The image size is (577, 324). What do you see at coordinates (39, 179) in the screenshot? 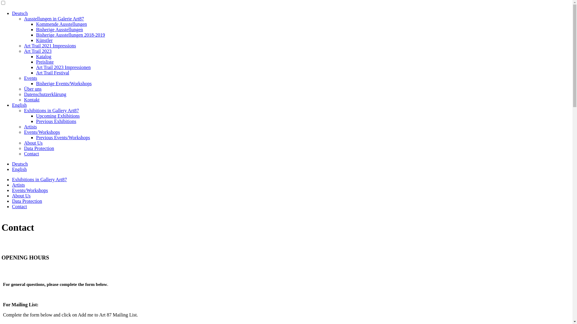
I see `'Exhibitions in Gallery Art87'` at bounding box center [39, 179].